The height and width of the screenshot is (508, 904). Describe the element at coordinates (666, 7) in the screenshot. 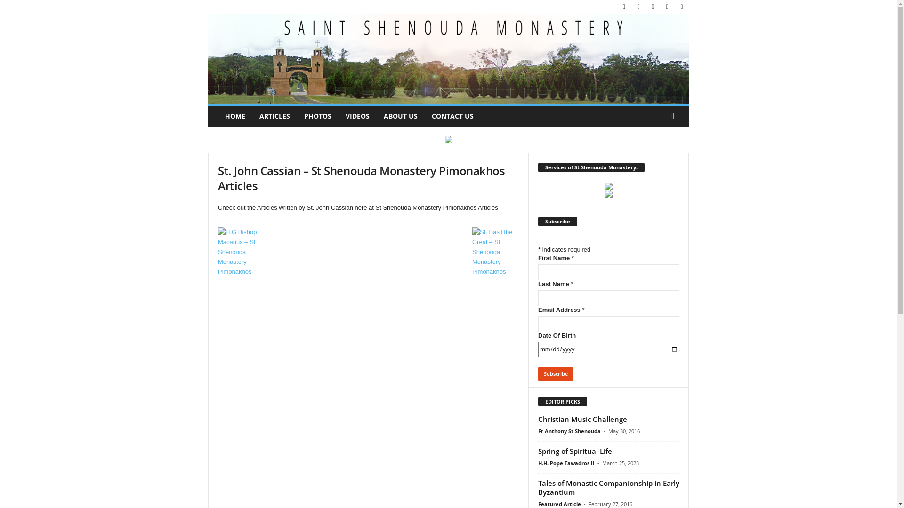

I see `'Spotify'` at that location.